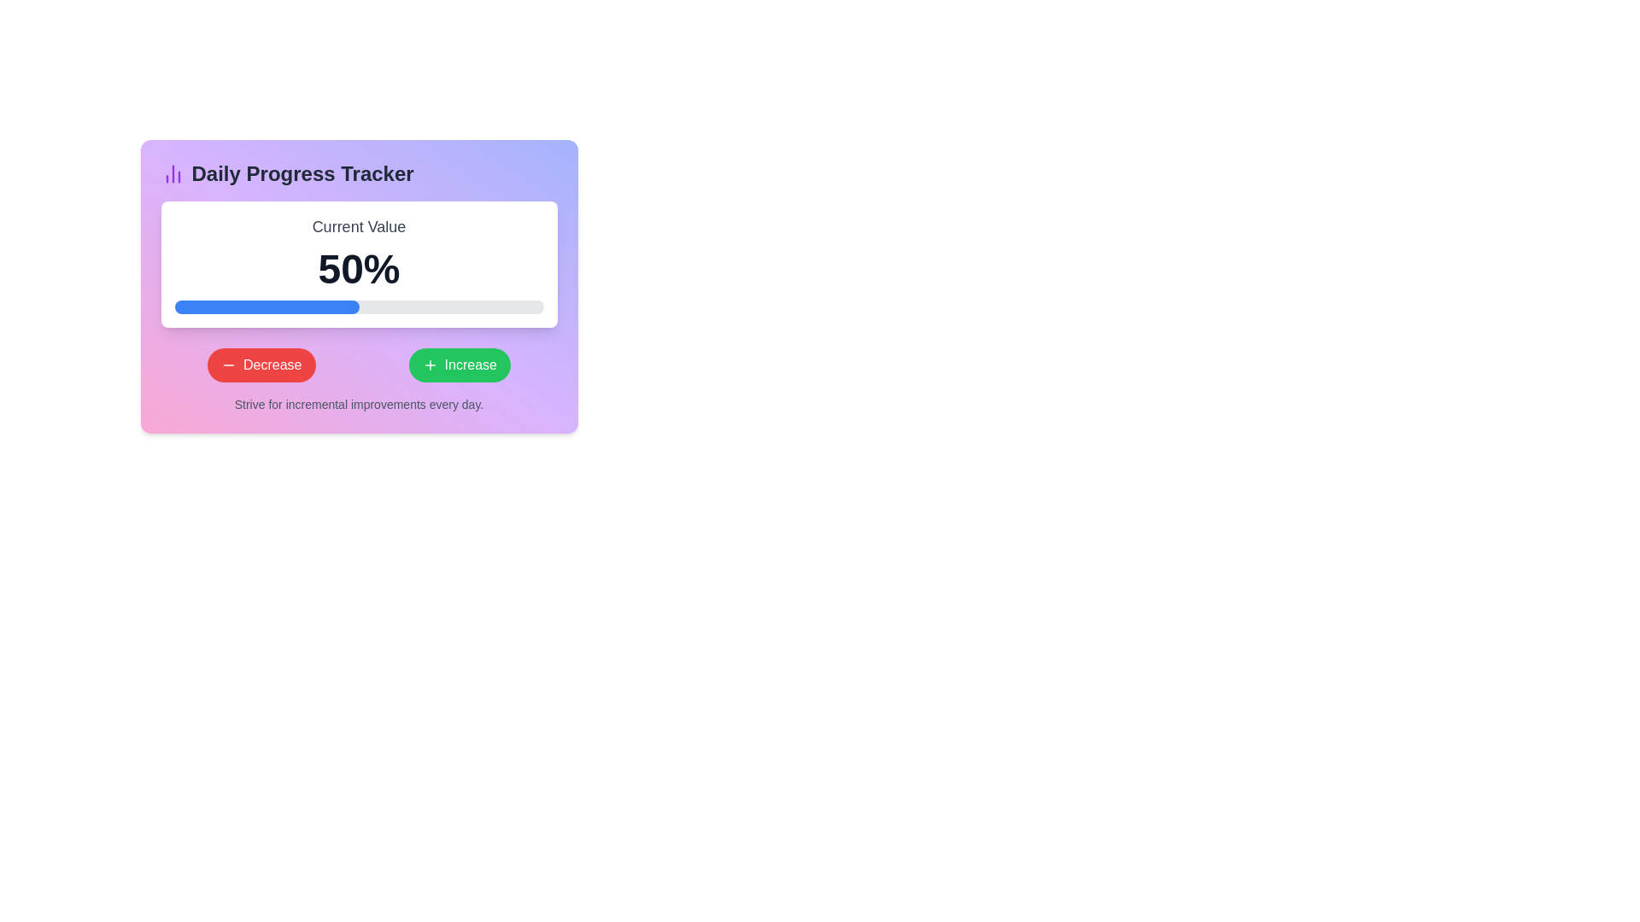  Describe the element at coordinates (460, 365) in the screenshot. I see `the second button below the progress bar to increase the current value displayed above it` at that location.